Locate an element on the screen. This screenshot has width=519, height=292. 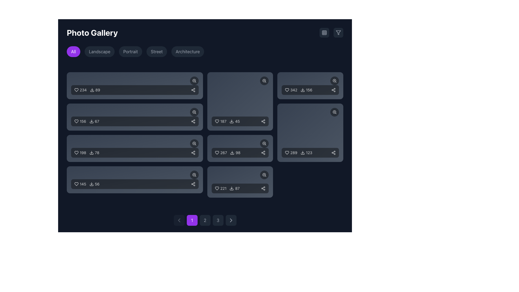
the clickable counter UI element located at the bottom-right section of the card to interact with it and potentially add or view likes is located at coordinates (291, 152).